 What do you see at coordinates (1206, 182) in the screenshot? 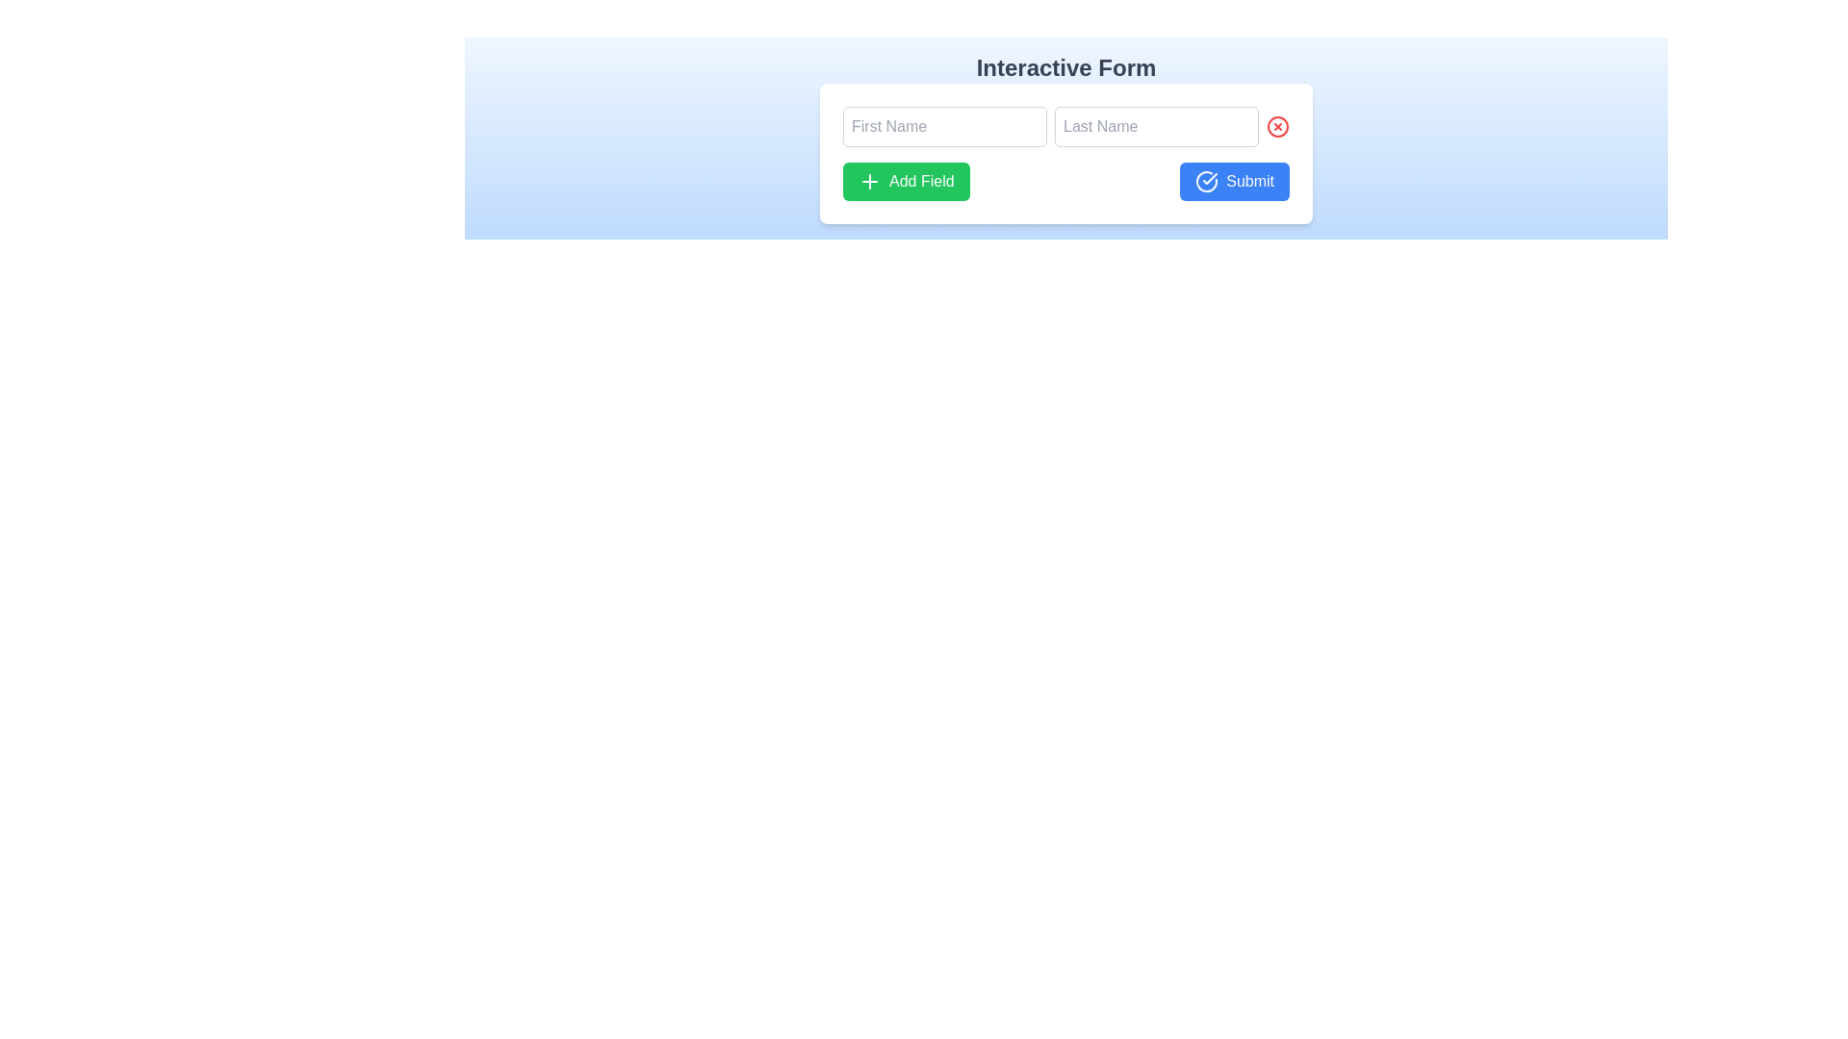
I see `the circular icon with a checkmark inside, which is styled with a blue background and white outline, located on the left side of the 'Submit' button` at bounding box center [1206, 182].